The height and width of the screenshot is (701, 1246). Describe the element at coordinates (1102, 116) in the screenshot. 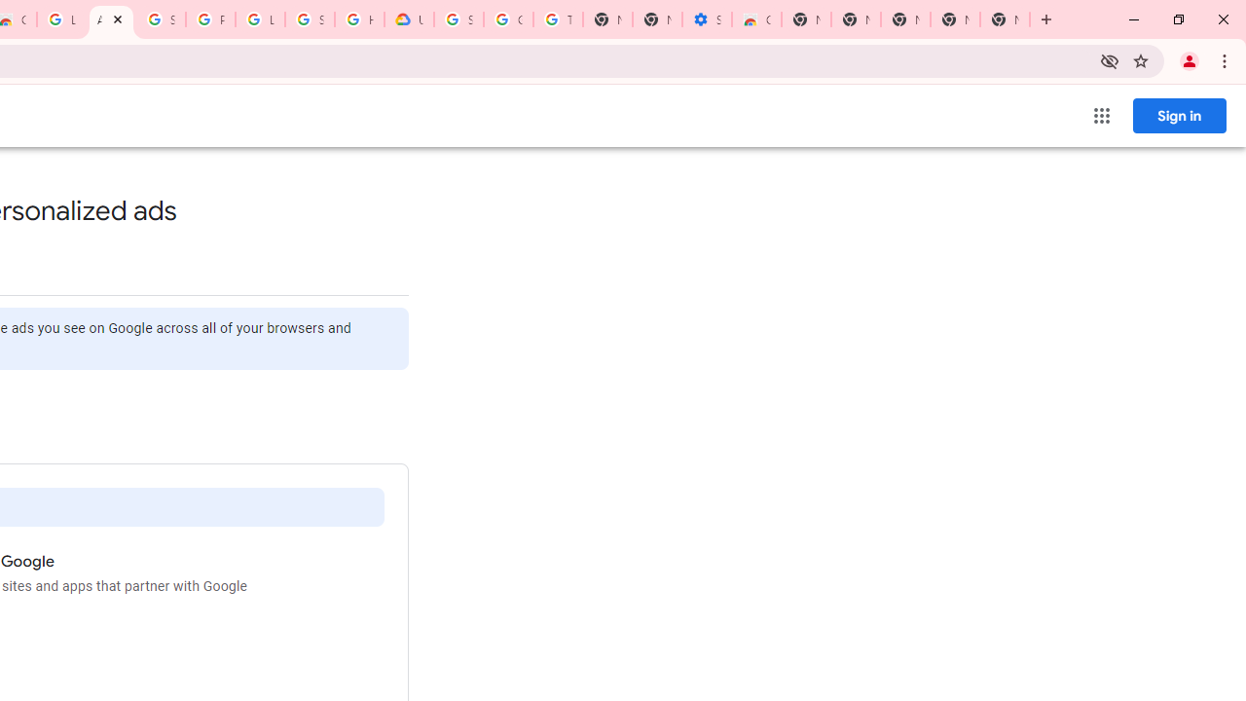

I see `'Google apps'` at that location.